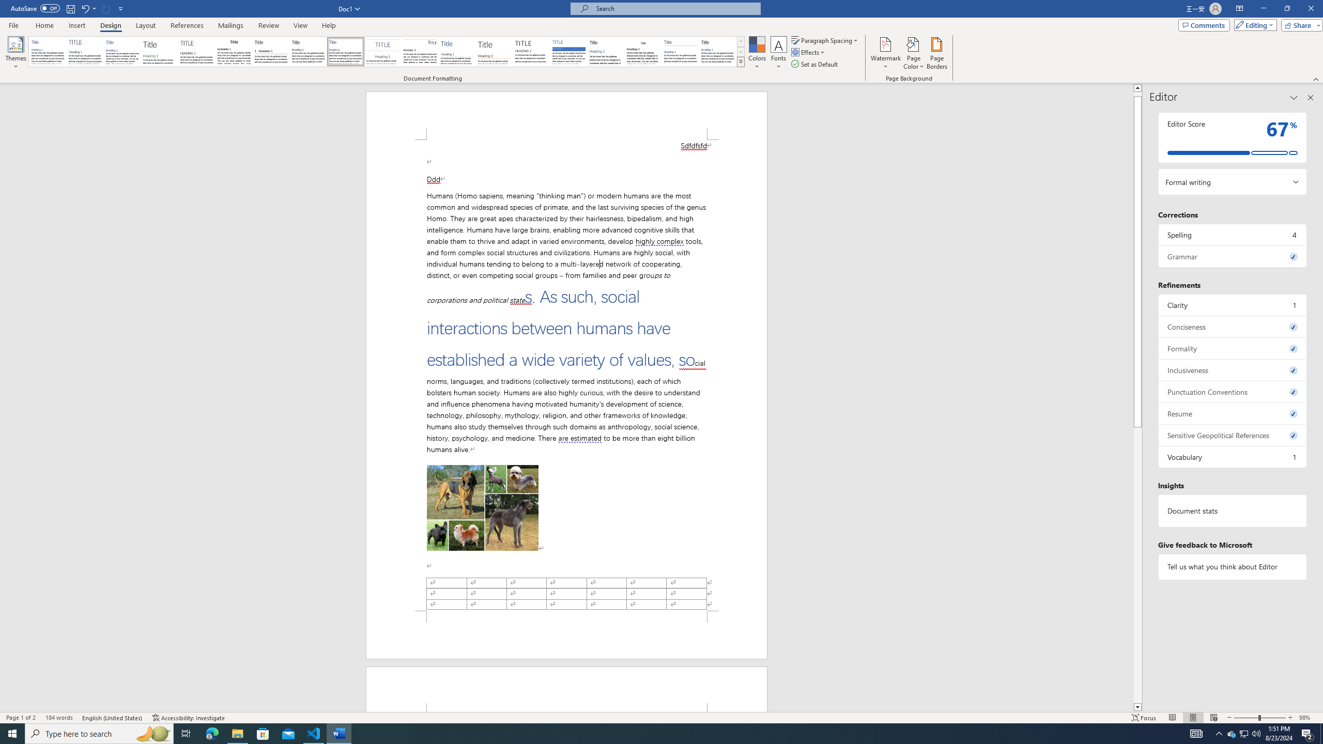  Describe the element at coordinates (88, 8) in the screenshot. I see `'Undo Outline Move Up'` at that location.